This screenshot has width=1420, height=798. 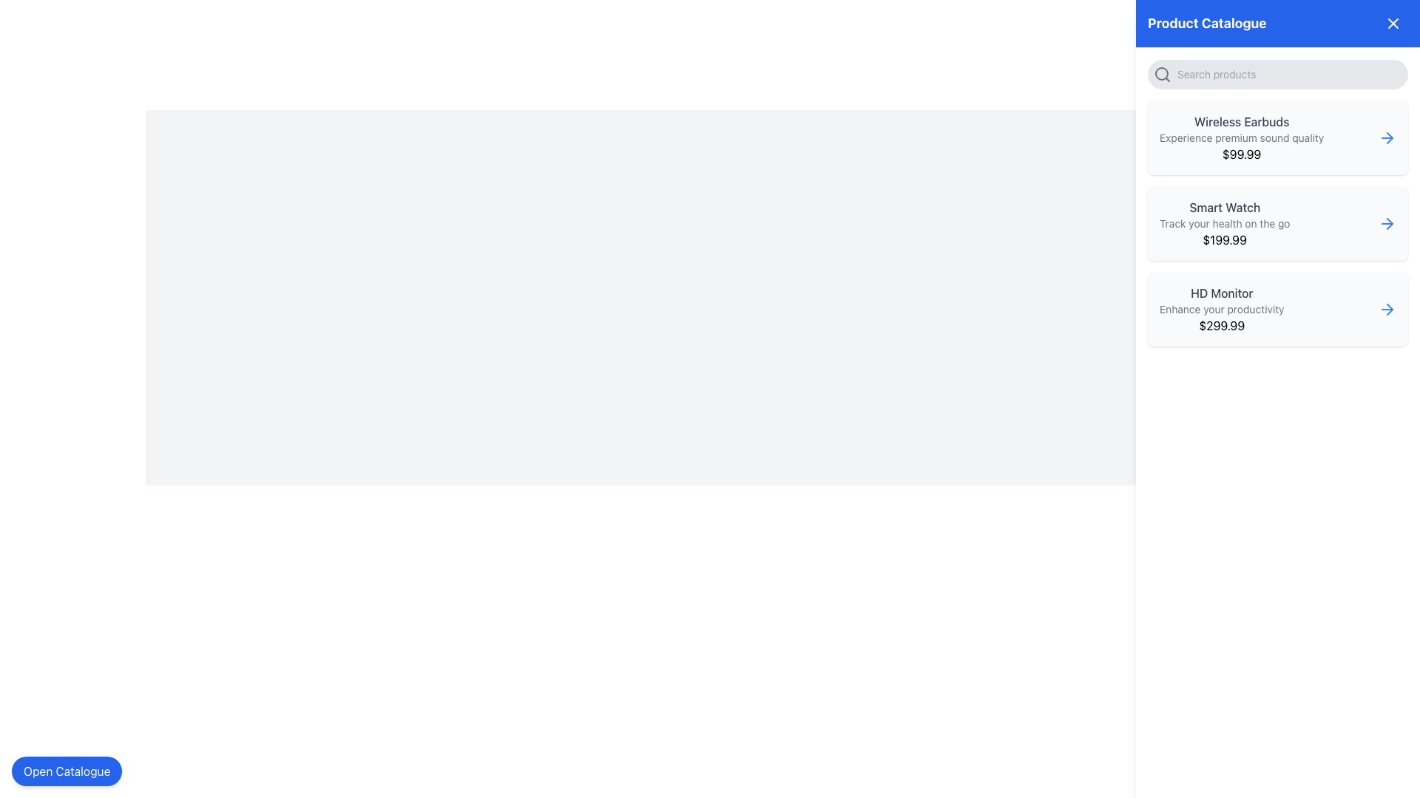 I want to click on the 'X' icon button located at the top-right corner of the sidebar pane labeled 'Product Catalogue', so click(x=1392, y=23).